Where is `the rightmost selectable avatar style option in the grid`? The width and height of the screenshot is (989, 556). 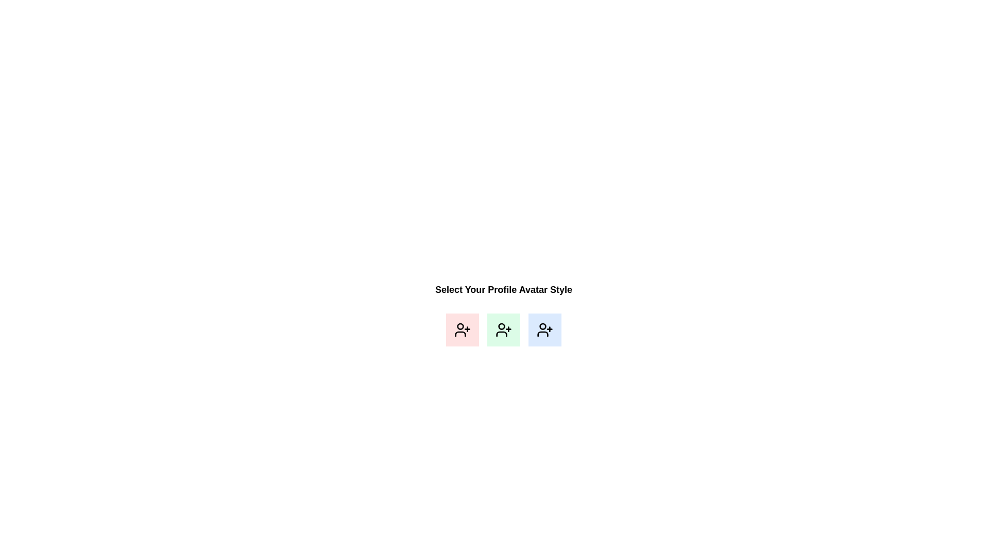
the rightmost selectable avatar style option in the grid is located at coordinates (544, 329).